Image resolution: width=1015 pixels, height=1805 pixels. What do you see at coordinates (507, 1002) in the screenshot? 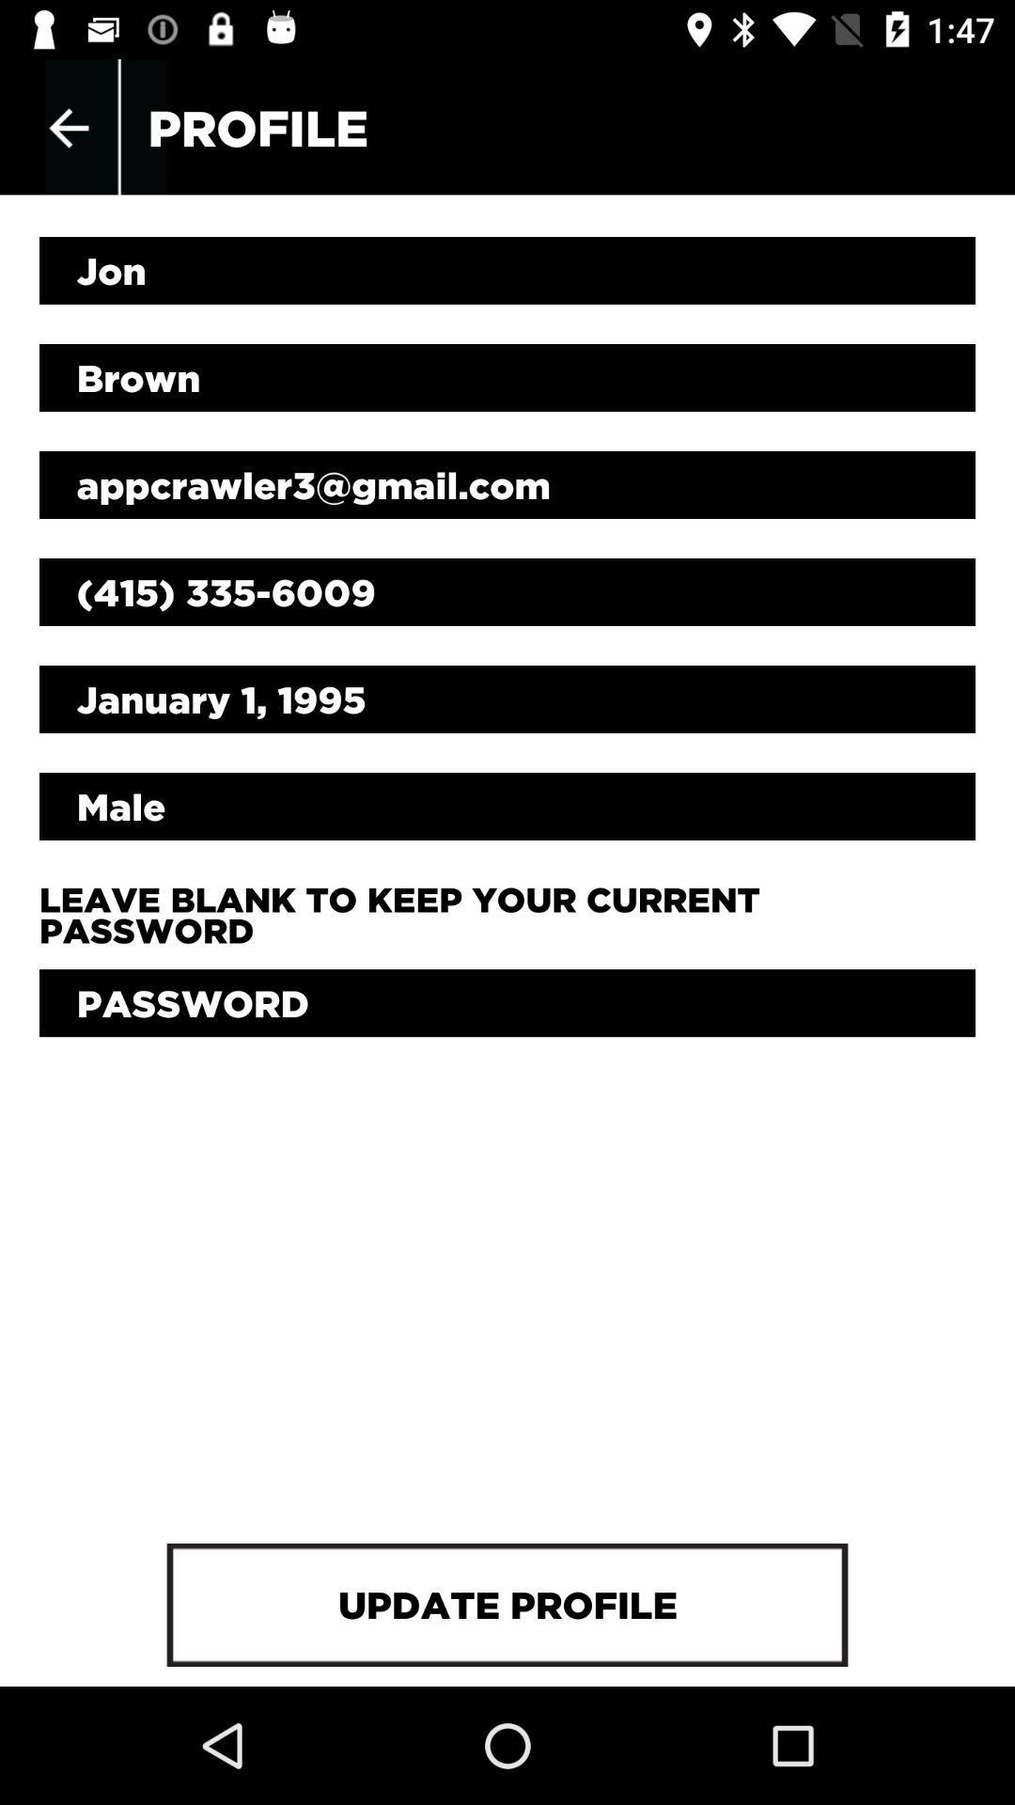
I see `the icon below the leave blank to icon` at bounding box center [507, 1002].